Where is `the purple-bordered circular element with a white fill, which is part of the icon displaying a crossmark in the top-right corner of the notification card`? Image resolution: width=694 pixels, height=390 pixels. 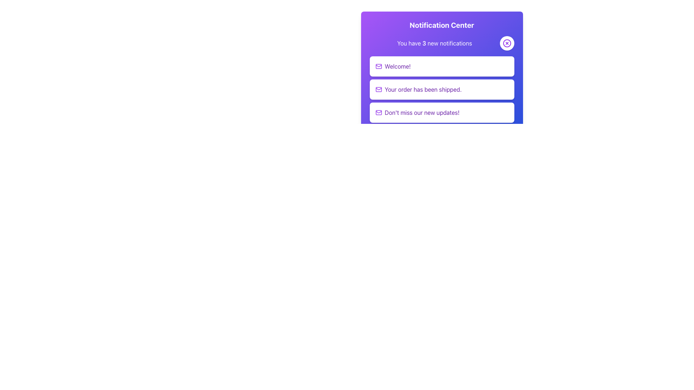 the purple-bordered circular element with a white fill, which is part of the icon displaying a crossmark in the top-right corner of the notification card is located at coordinates (506, 43).